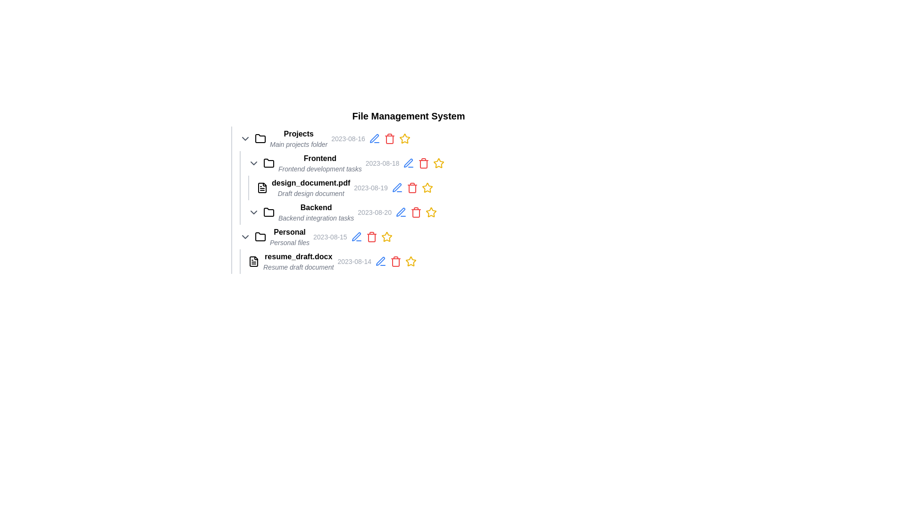 This screenshot has height=510, width=906. What do you see at coordinates (320, 163) in the screenshot?
I see `the 'Frontend' text label` at bounding box center [320, 163].